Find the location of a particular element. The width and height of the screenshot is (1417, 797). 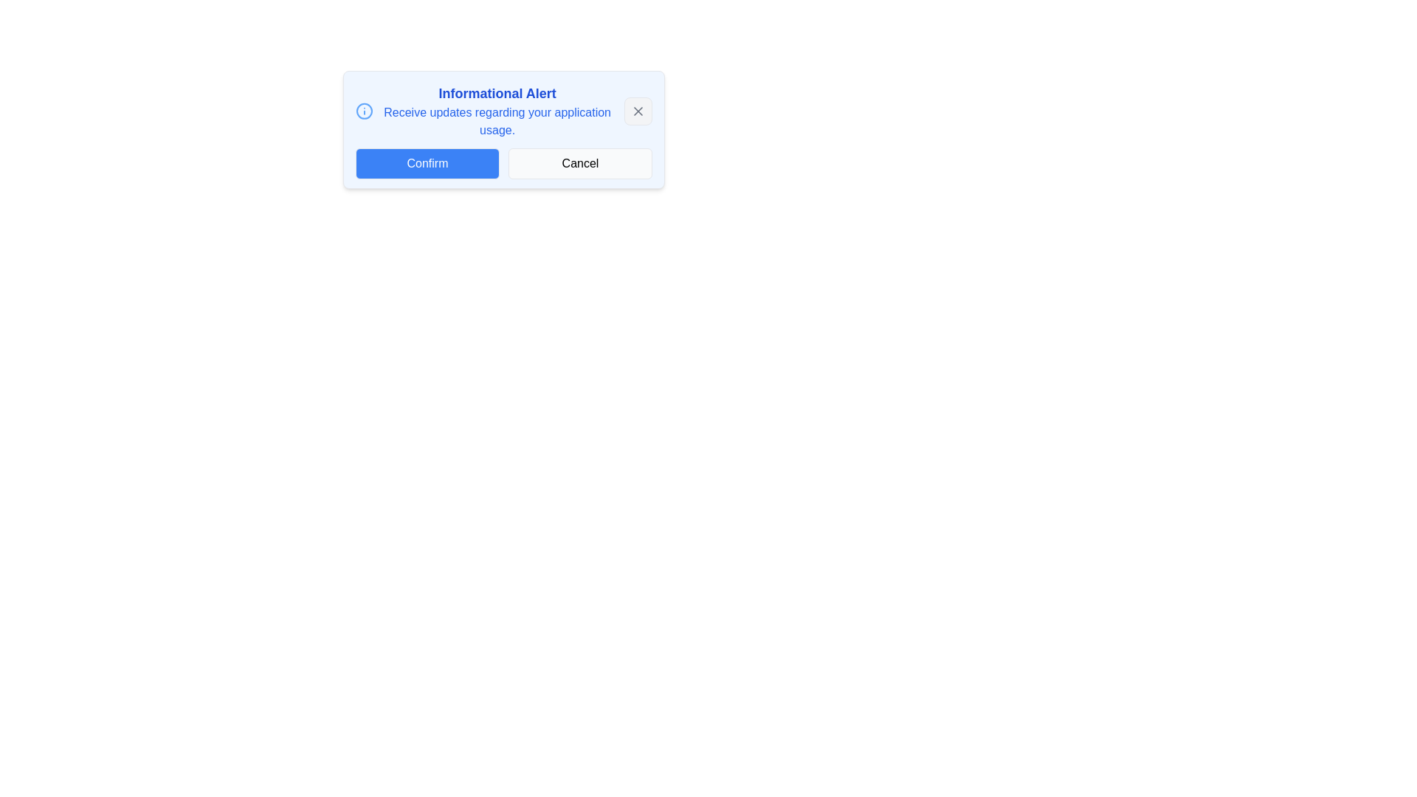

the 'Confirm' button with bold white text and a blue background is located at coordinates (427, 164).